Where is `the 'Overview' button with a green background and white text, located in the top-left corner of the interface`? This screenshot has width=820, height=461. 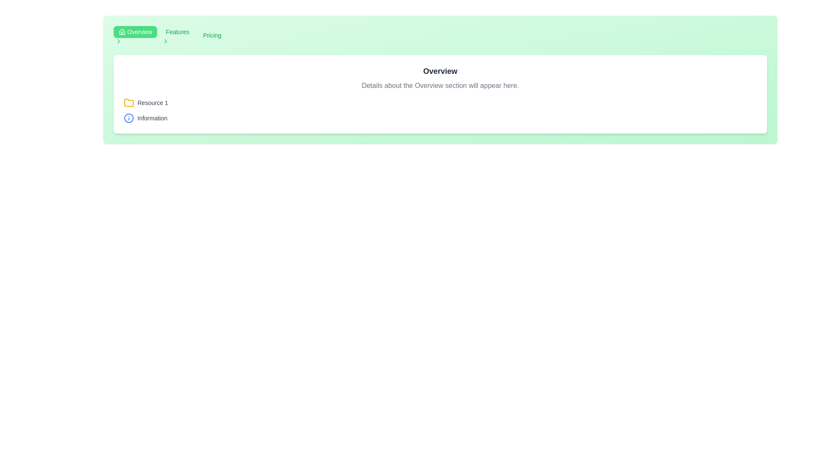 the 'Overview' button with a green background and white text, located in the top-left corner of the interface is located at coordinates (135, 31).